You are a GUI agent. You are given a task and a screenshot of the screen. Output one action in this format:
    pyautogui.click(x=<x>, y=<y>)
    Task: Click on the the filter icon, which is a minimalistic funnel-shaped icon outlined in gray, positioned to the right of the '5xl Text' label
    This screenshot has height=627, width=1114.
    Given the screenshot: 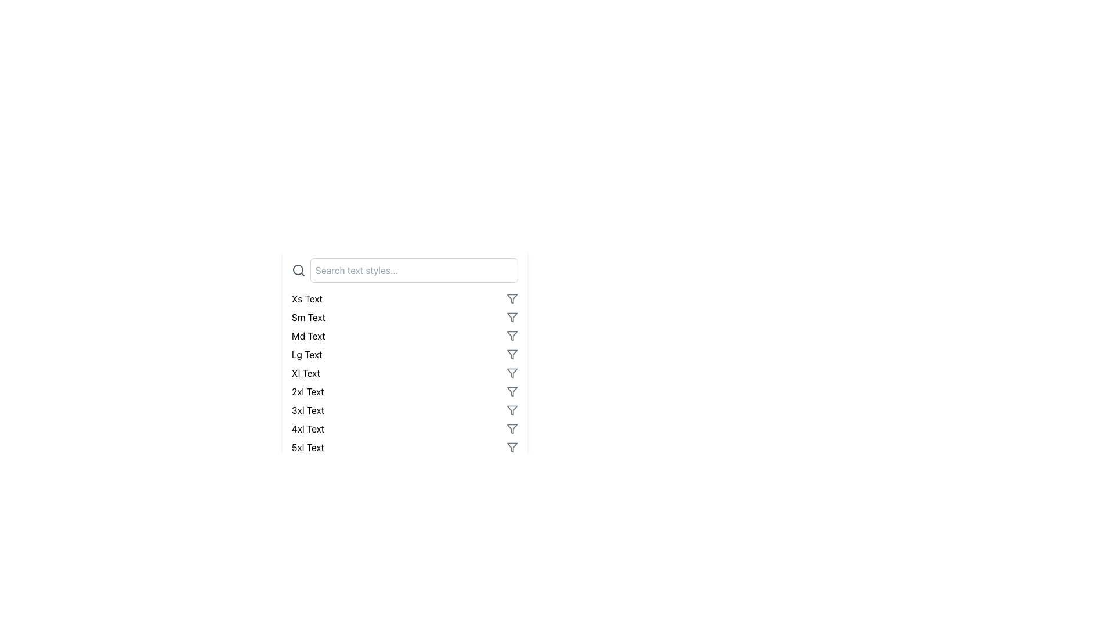 What is the action you would take?
    pyautogui.click(x=512, y=447)
    